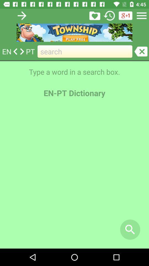 This screenshot has height=266, width=149. I want to click on the app below type a word app, so click(130, 229).